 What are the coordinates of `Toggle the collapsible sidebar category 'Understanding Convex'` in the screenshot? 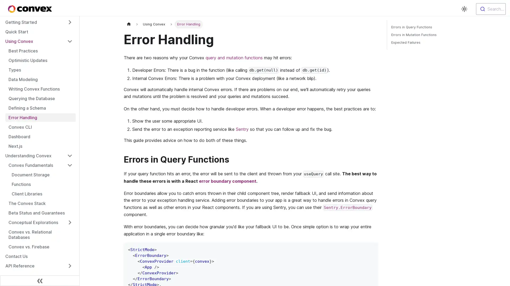 It's located at (70, 155).